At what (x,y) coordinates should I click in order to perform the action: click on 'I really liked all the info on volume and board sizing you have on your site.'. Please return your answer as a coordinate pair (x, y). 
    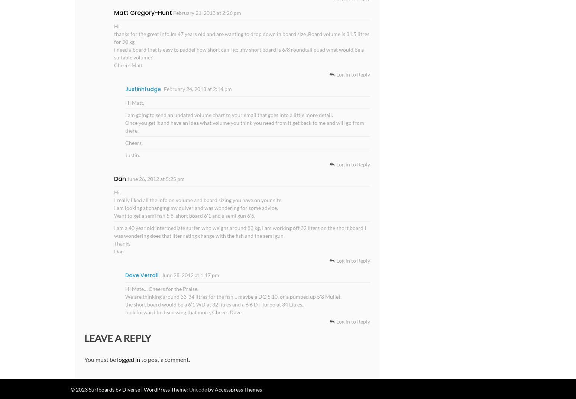
    Looking at the image, I should click on (197, 199).